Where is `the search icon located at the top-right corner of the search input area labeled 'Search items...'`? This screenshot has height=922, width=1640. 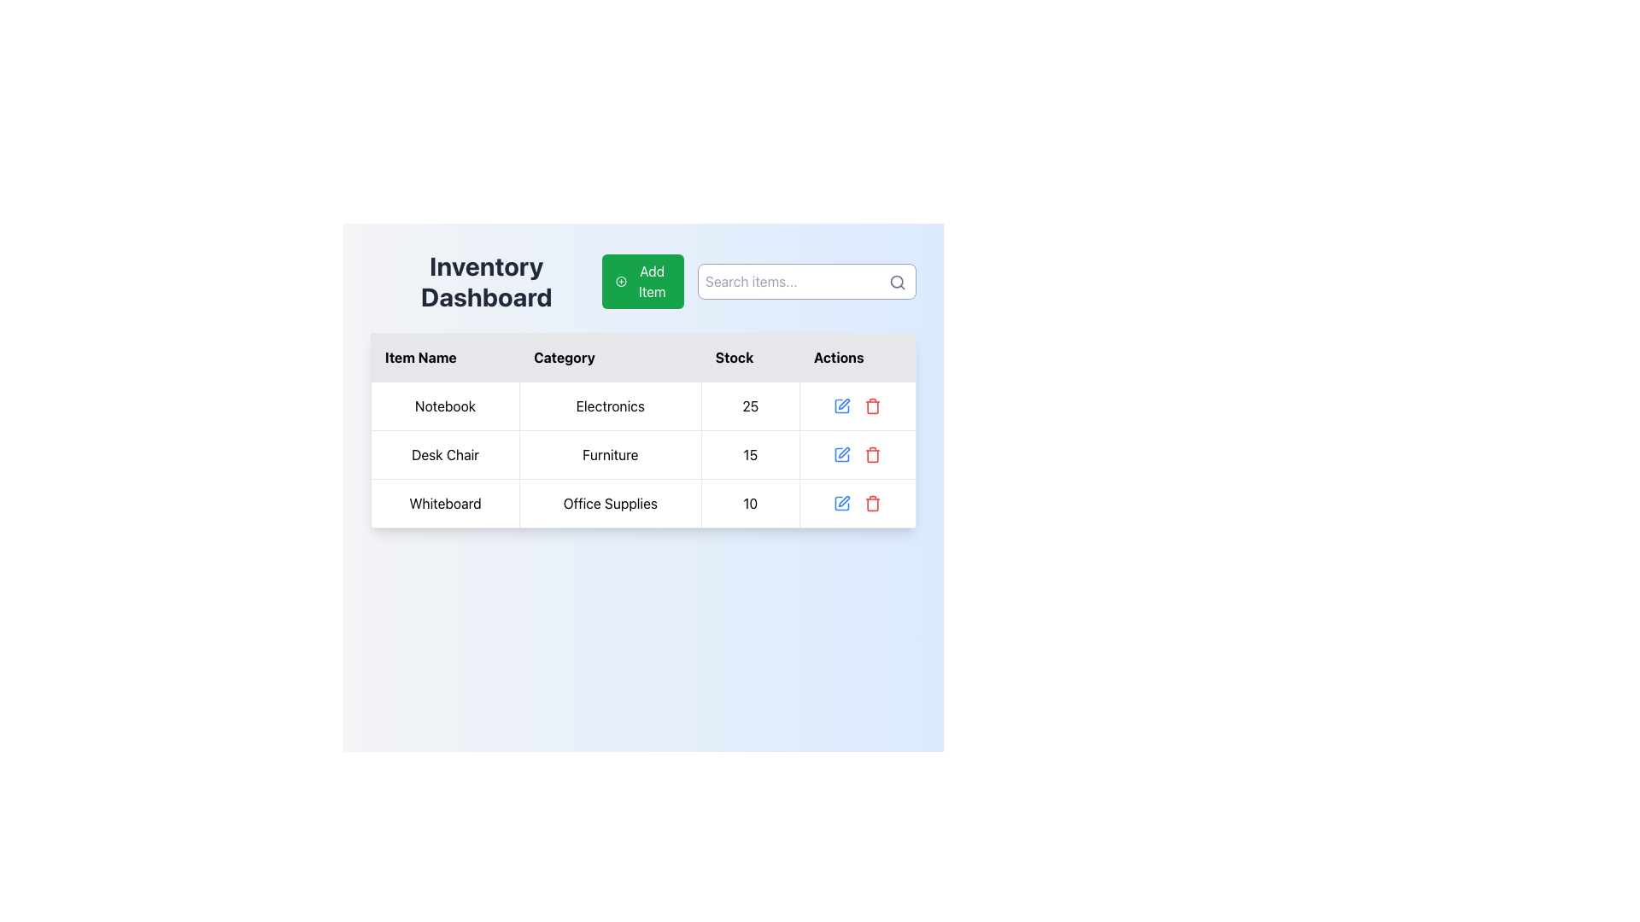 the search icon located at the top-right corner of the search input area labeled 'Search items...' is located at coordinates (897, 282).